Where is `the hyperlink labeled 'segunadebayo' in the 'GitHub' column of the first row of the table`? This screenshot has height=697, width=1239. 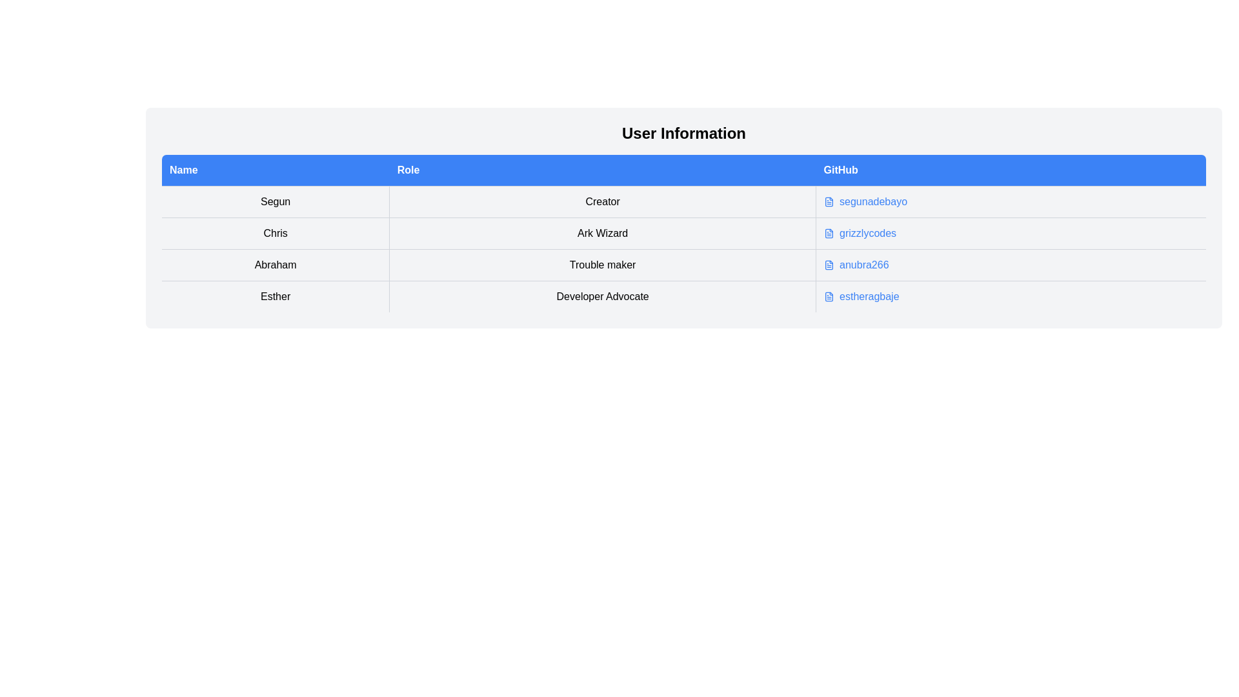 the hyperlink labeled 'segunadebayo' in the 'GitHub' column of the first row of the table is located at coordinates (1011, 201).